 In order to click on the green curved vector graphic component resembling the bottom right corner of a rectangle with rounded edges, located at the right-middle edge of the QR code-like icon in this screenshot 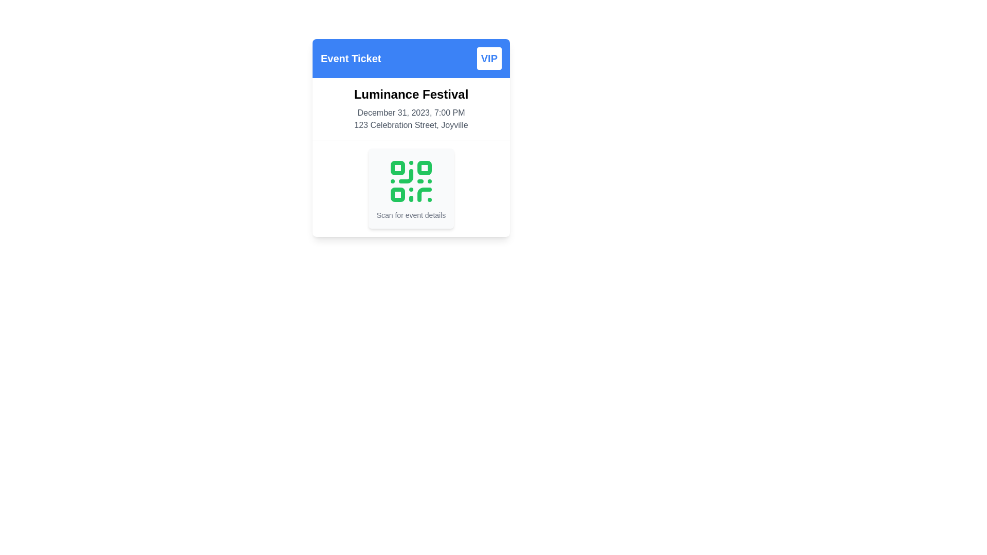, I will do `click(405, 176)`.